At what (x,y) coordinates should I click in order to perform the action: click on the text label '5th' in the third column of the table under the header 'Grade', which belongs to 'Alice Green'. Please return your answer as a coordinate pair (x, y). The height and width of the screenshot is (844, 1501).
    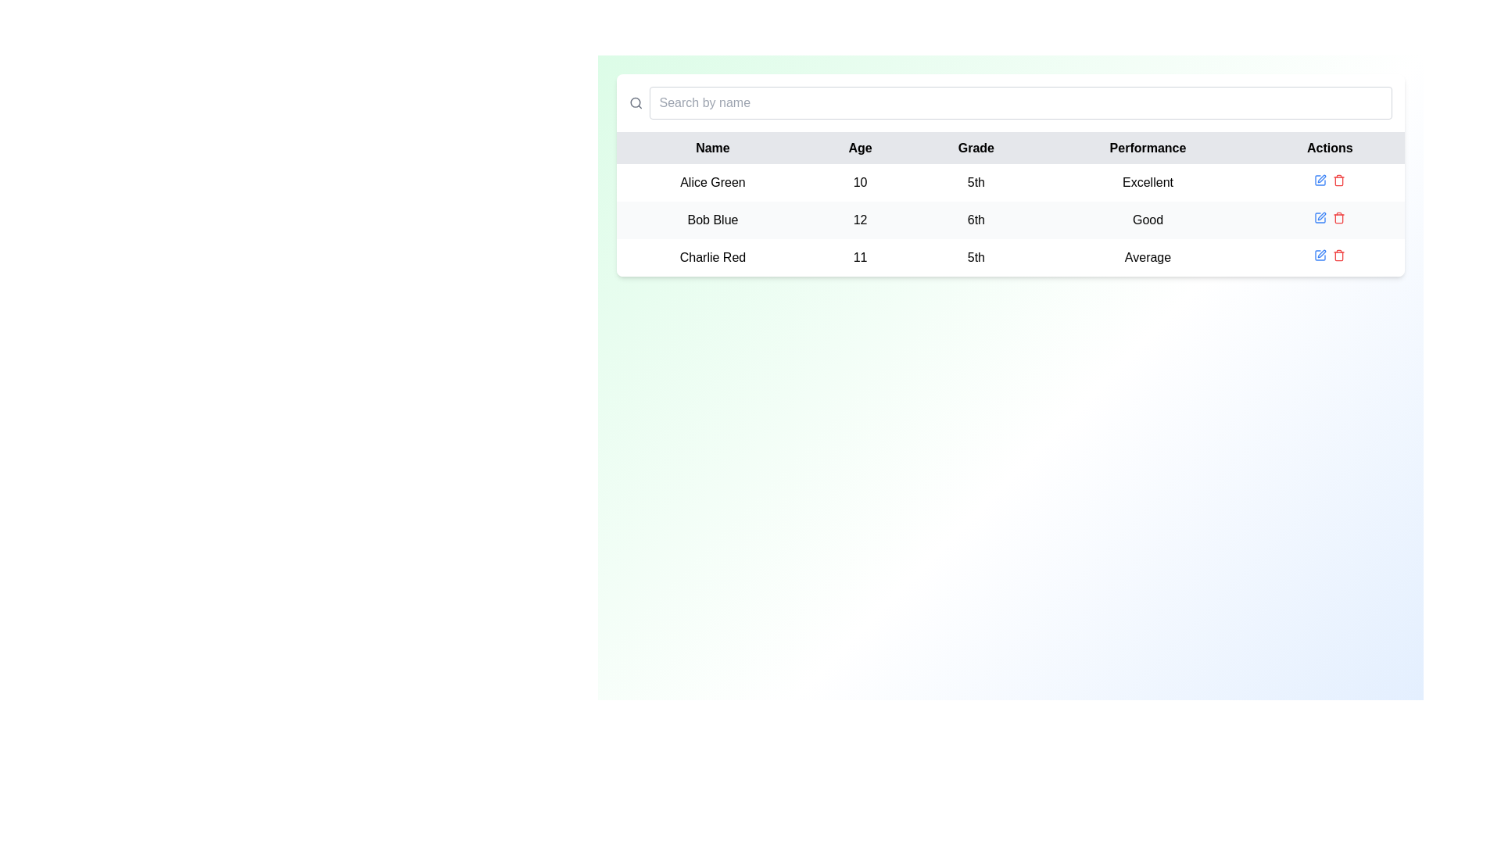
    Looking at the image, I should click on (975, 182).